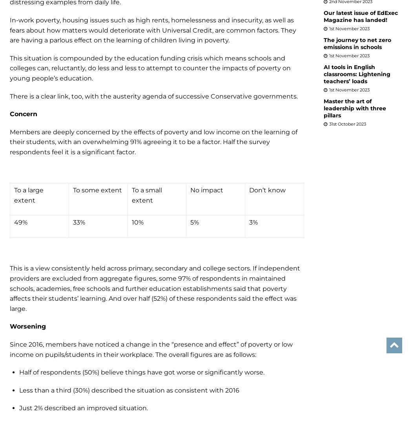  I want to click on '10%', so click(137, 222).